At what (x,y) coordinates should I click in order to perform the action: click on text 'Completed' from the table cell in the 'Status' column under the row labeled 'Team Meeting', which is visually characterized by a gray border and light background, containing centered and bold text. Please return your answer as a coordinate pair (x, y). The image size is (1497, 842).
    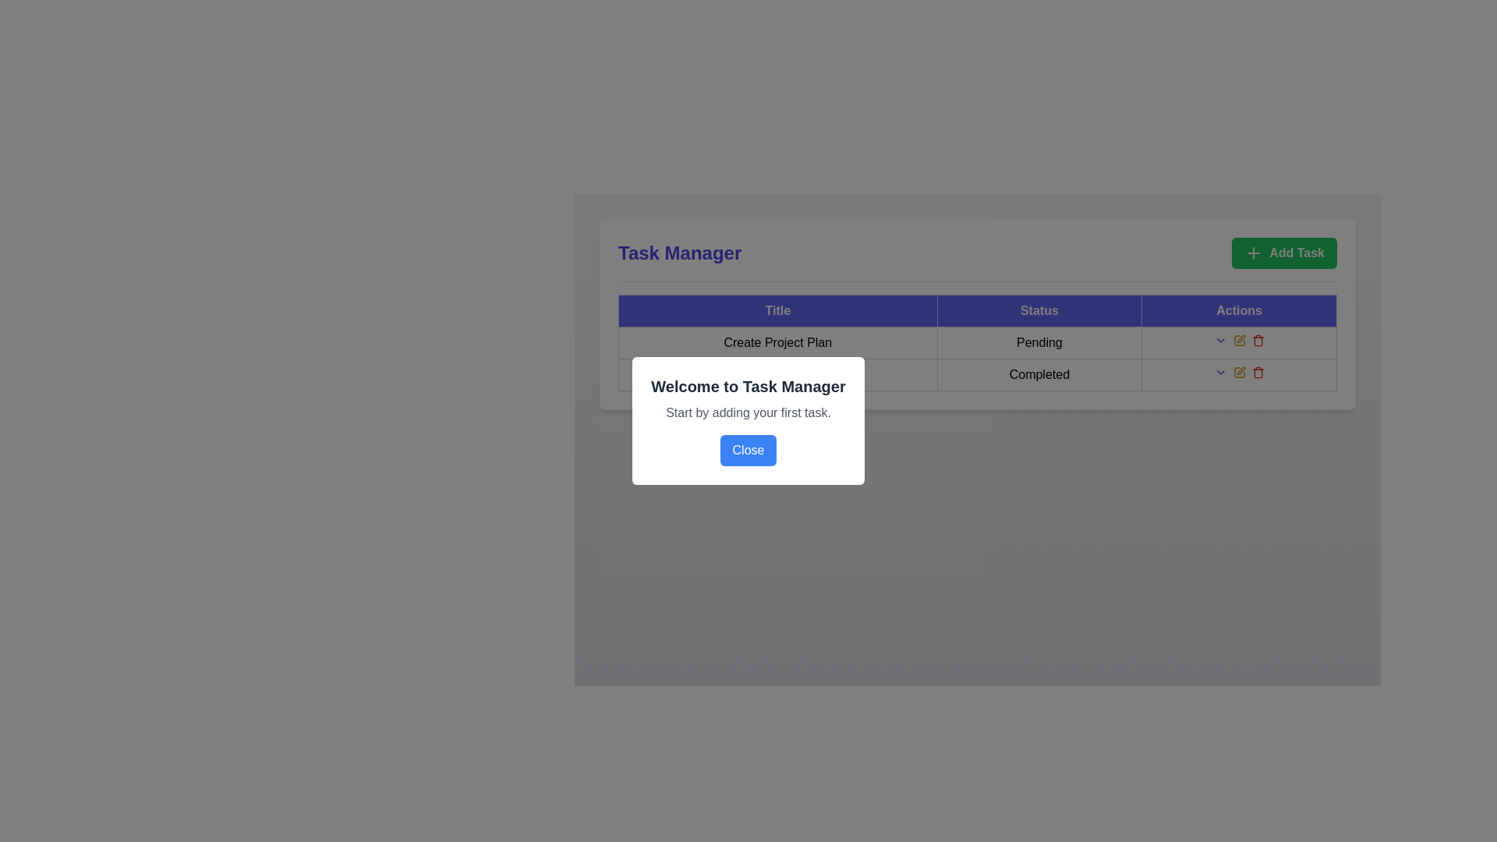
    Looking at the image, I should click on (1039, 375).